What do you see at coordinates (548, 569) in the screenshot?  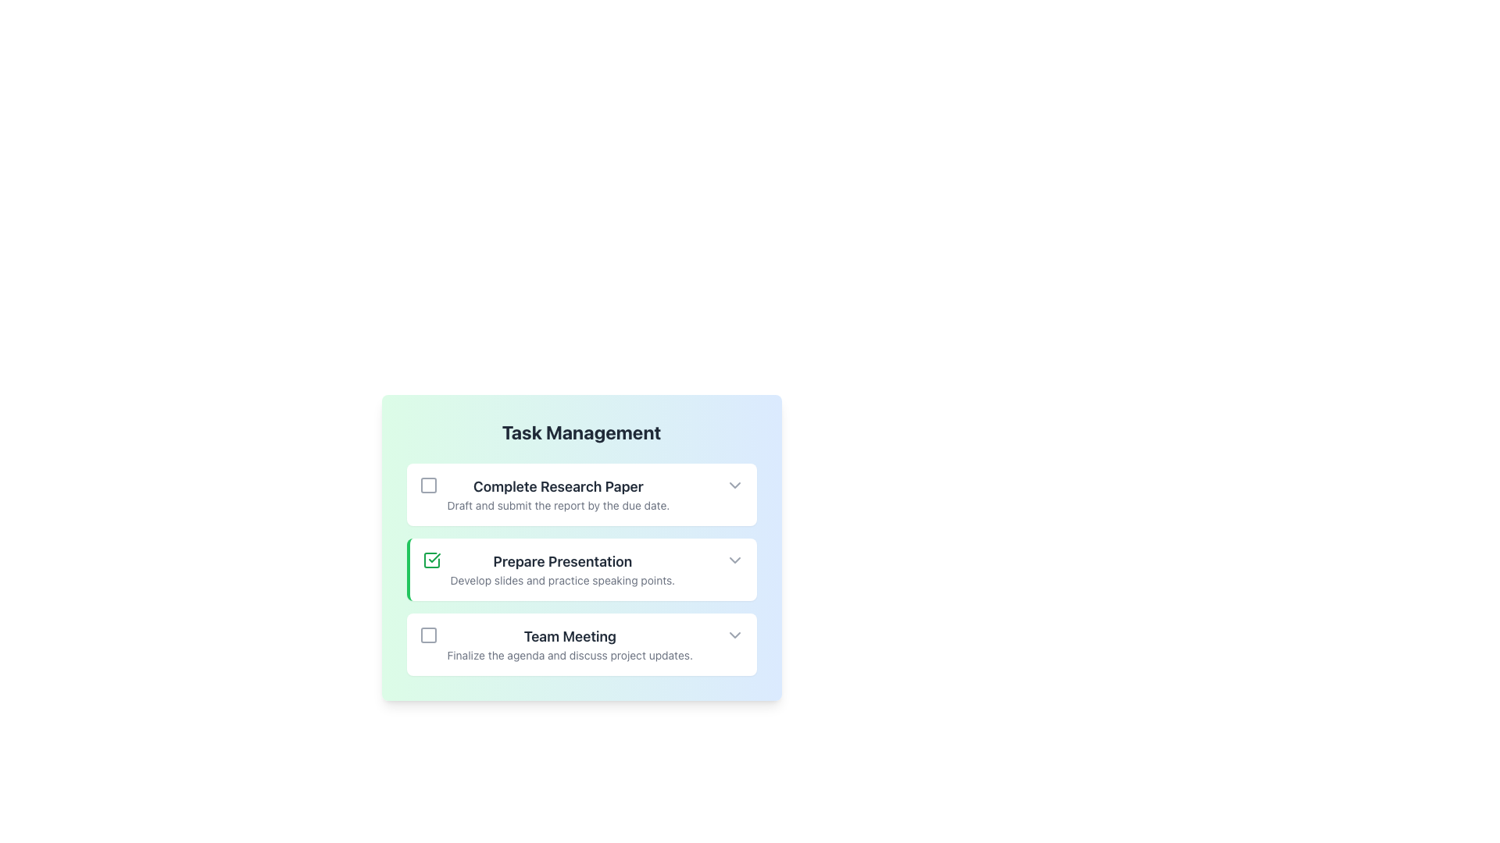 I see `the second task item card in the task manager interface, which contains a checkbox and text content` at bounding box center [548, 569].